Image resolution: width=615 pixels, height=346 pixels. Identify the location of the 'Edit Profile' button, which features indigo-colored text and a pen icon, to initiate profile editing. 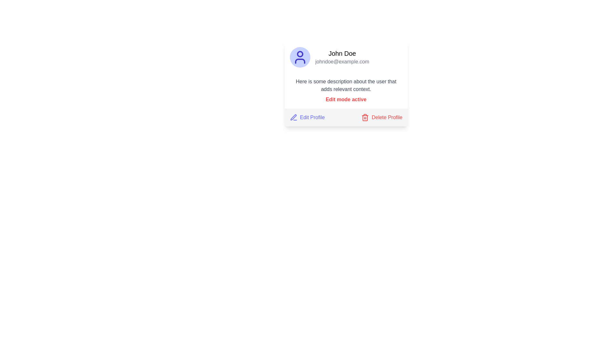
(307, 117).